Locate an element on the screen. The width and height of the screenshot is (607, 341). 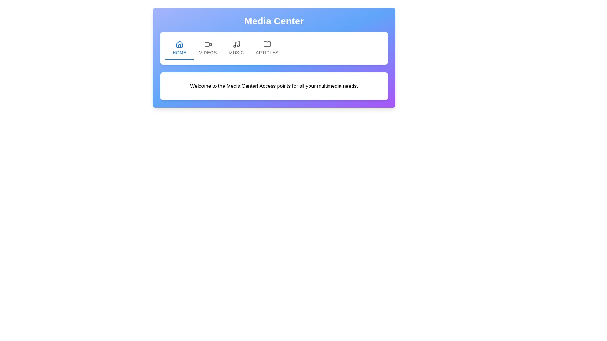
the 'Articles' tab in the horizontal tab group UI component located under the 'Media Center' heading is located at coordinates (274, 48).